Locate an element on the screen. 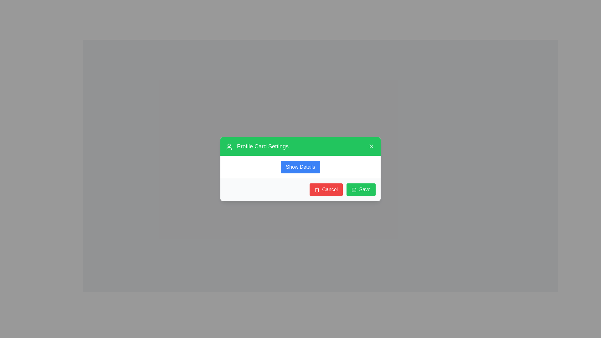 Image resolution: width=601 pixels, height=338 pixels. the 'Profile Card Settings' text label, which is styled in bold white font on a green background and located at the top left of the green header bar within a modal or card interface is located at coordinates (257, 146).